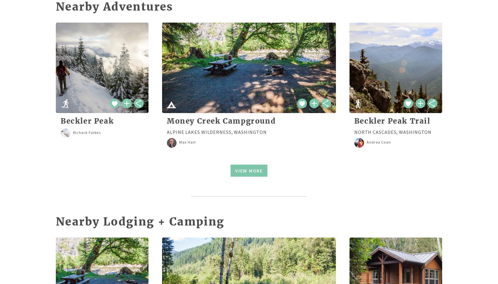  Describe the element at coordinates (87, 132) in the screenshot. I see `'Richard Forbes'` at that location.